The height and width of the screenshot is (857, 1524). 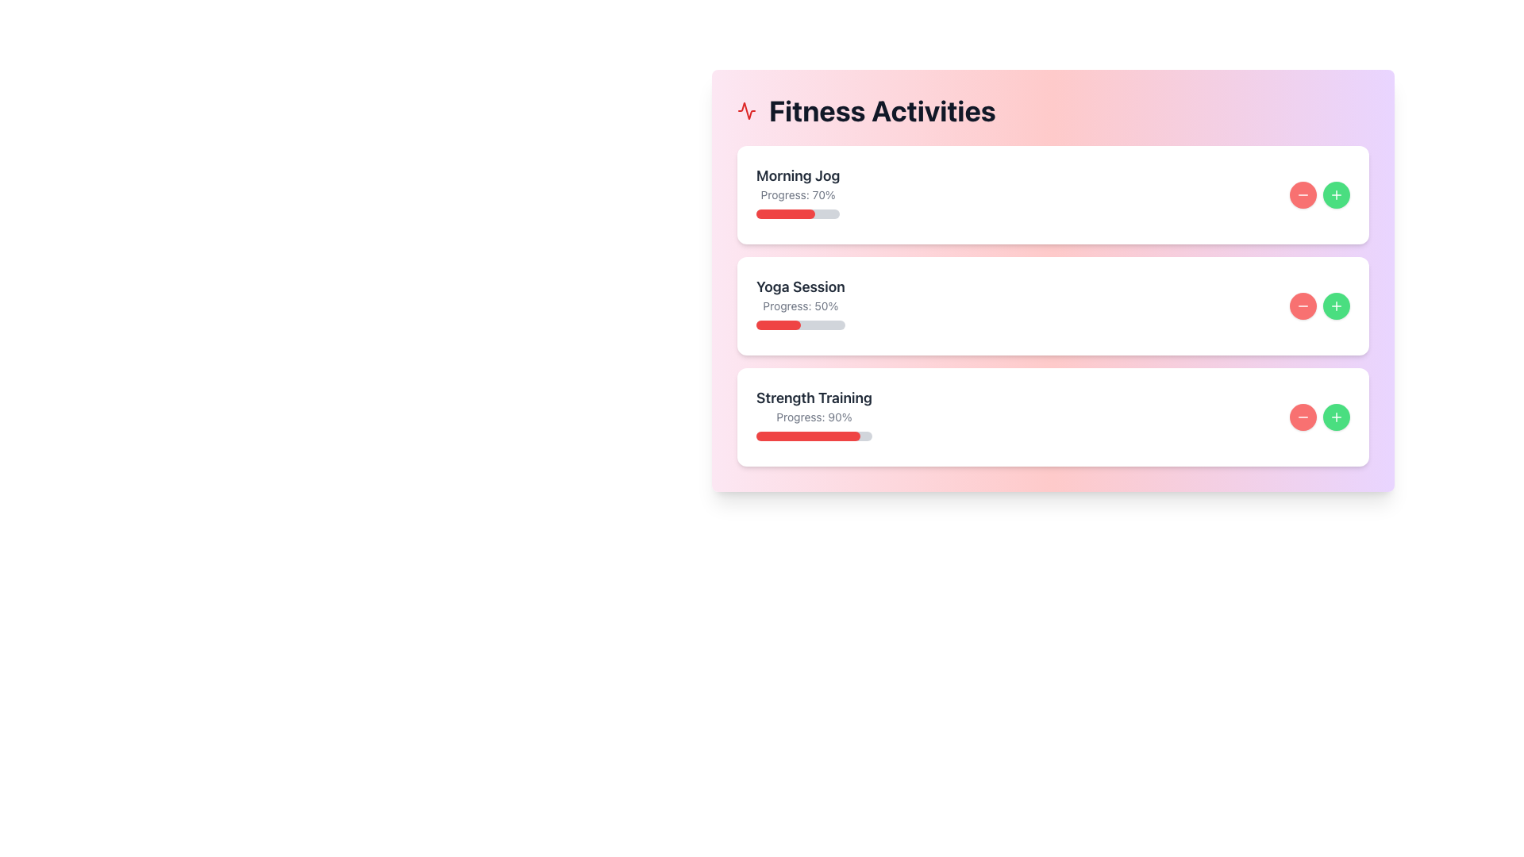 What do you see at coordinates (1303, 416) in the screenshot?
I see `the 'remove' icon button on the 'Morning Jog' activity card in the 'Fitness Activities' list` at bounding box center [1303, 416].